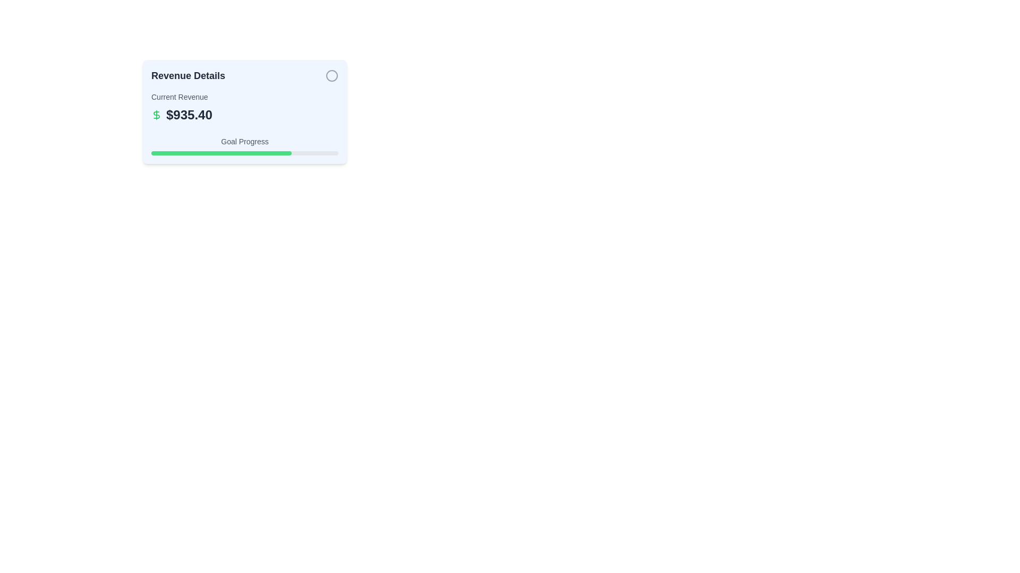  I want to click on the 'Goal Progress' text label, which is displayed in a medium-size light gray font above a progress bar, so click(244, 141).